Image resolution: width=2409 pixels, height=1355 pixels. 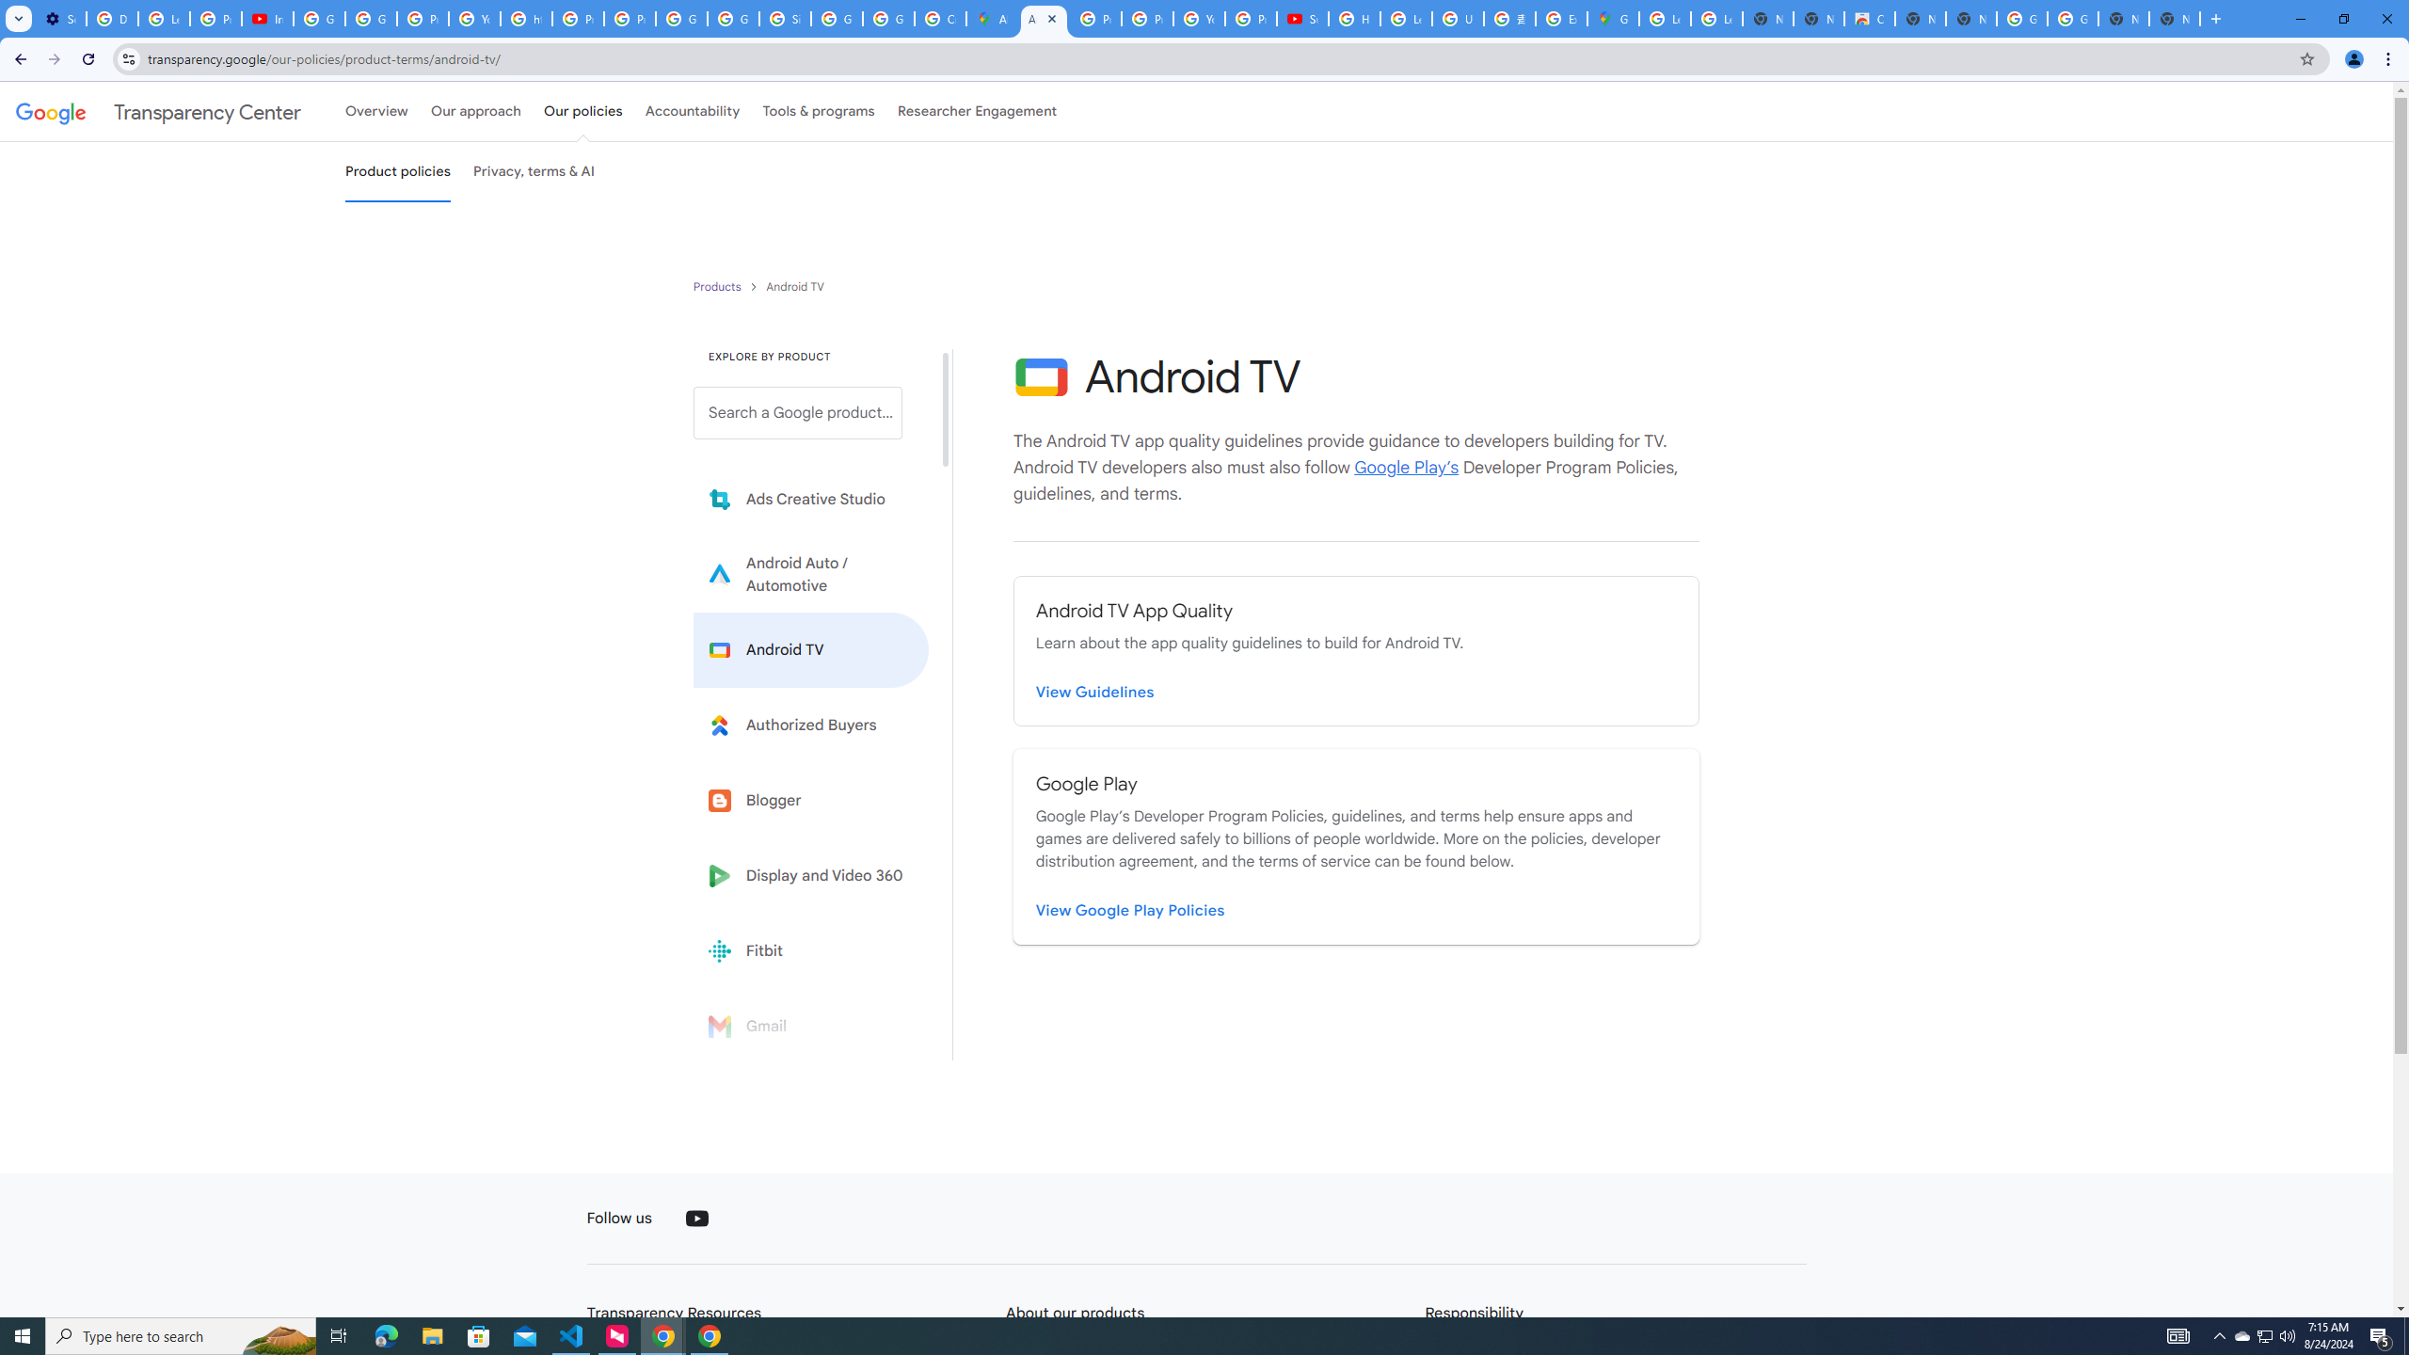 I want to click on 'Sign in - Google Accounts', so click(x=784, y=18).